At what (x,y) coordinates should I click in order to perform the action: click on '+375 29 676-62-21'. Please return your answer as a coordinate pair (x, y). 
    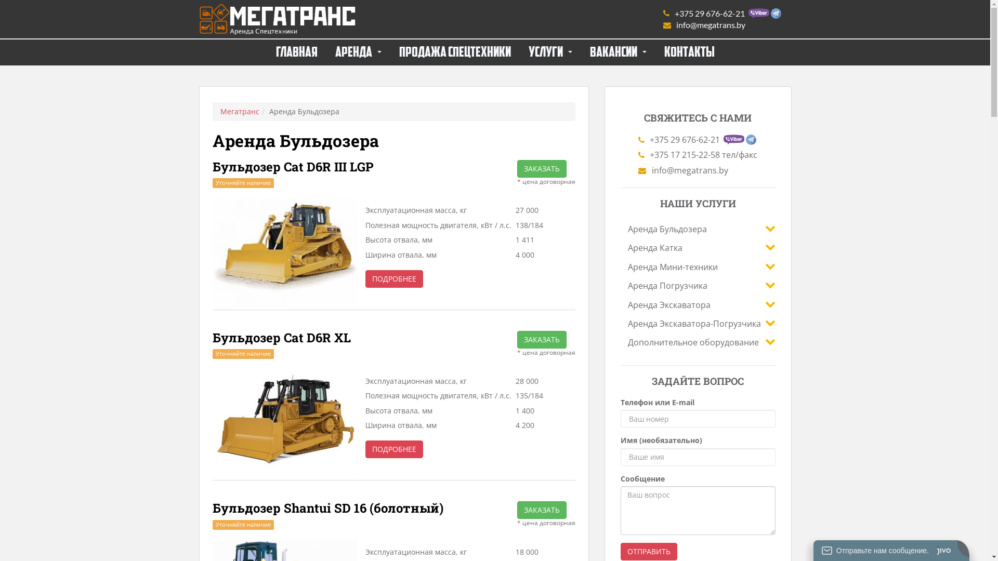
    Looking at the image, I should click on (638, 139).